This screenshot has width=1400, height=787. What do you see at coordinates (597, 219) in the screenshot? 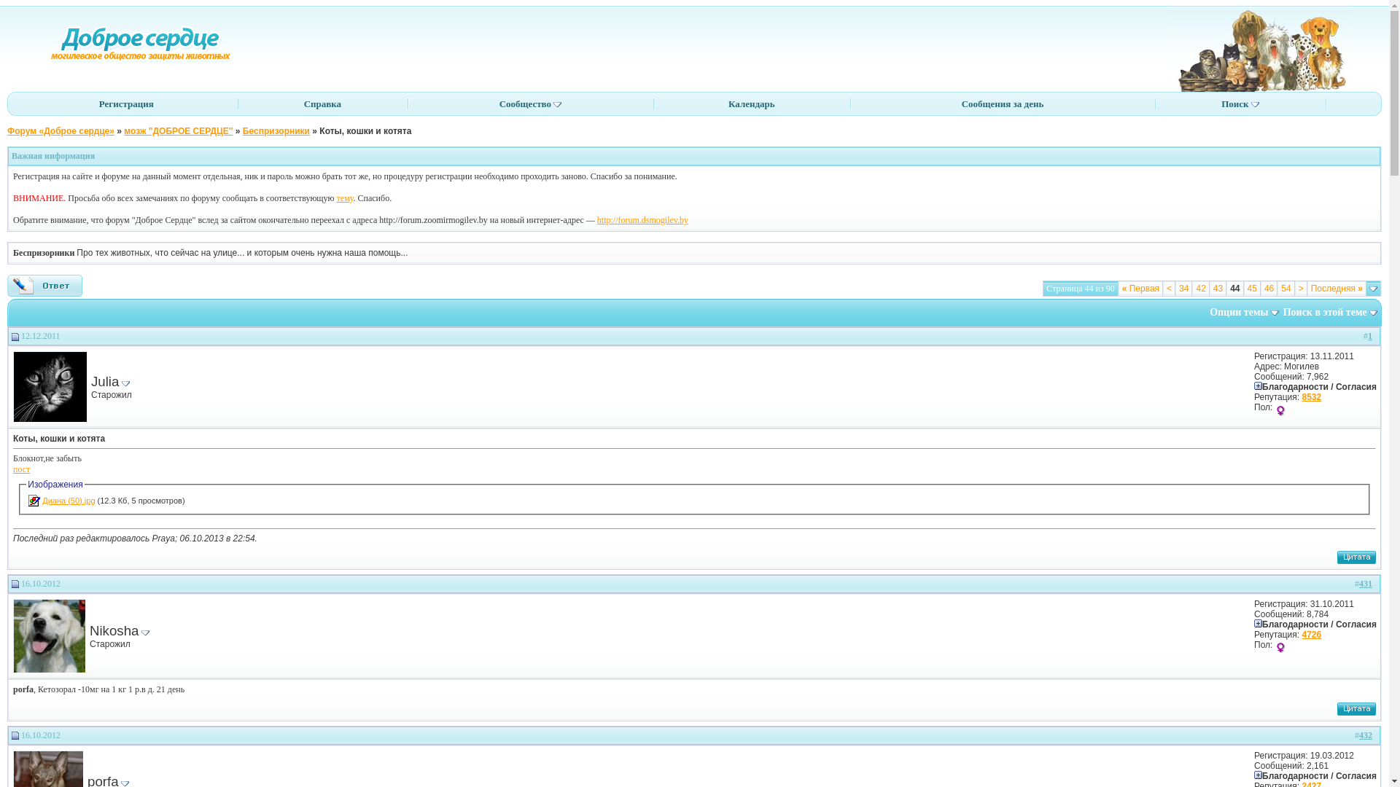
I see `'http://forum.dsmogilev.by'` at bounding box center [597, 219].